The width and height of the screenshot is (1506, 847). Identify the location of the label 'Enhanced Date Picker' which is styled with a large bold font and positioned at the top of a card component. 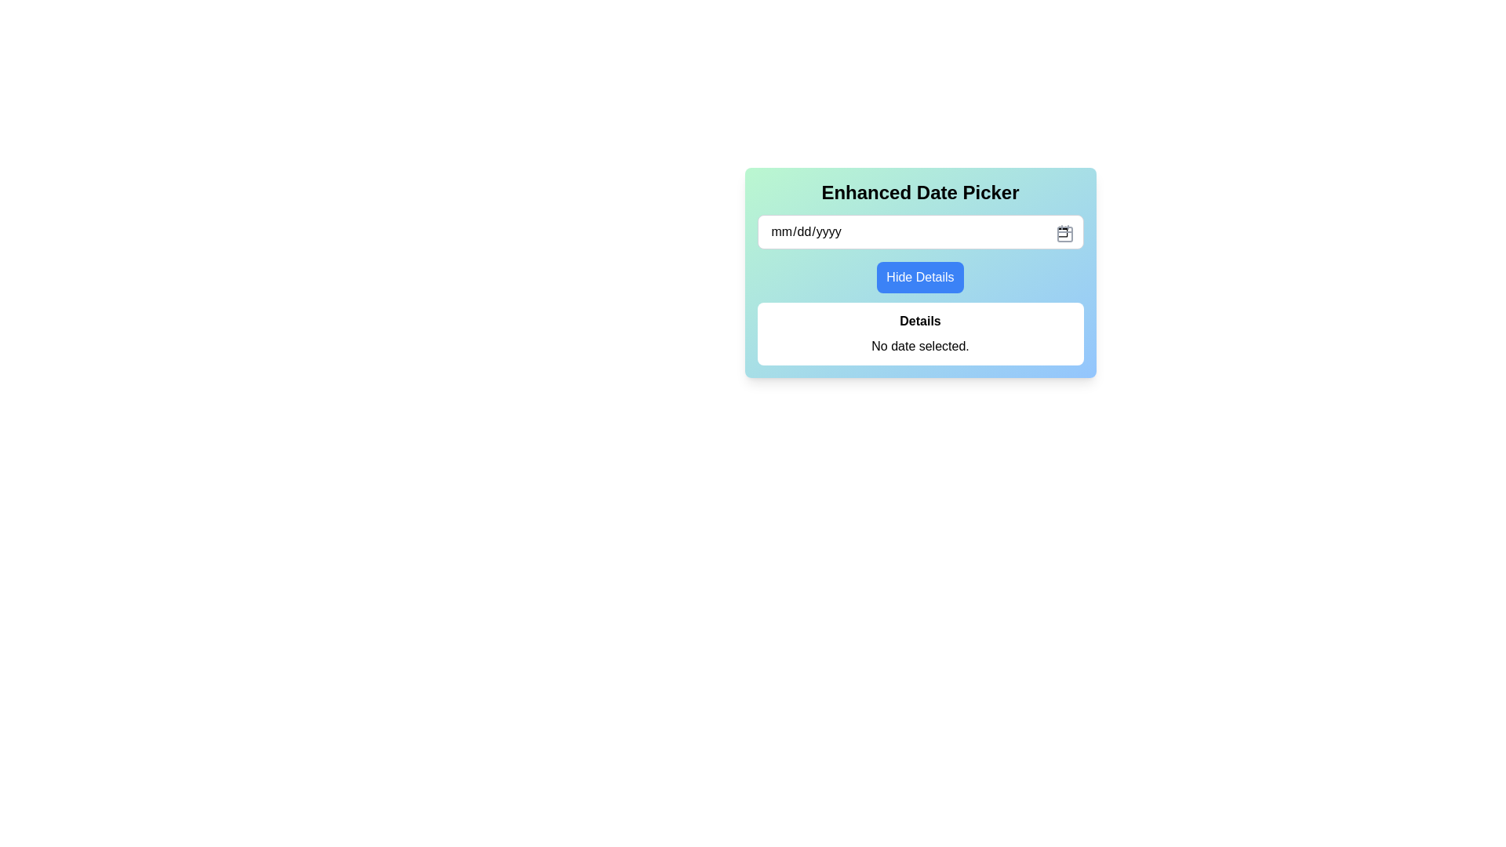
(920, 192).